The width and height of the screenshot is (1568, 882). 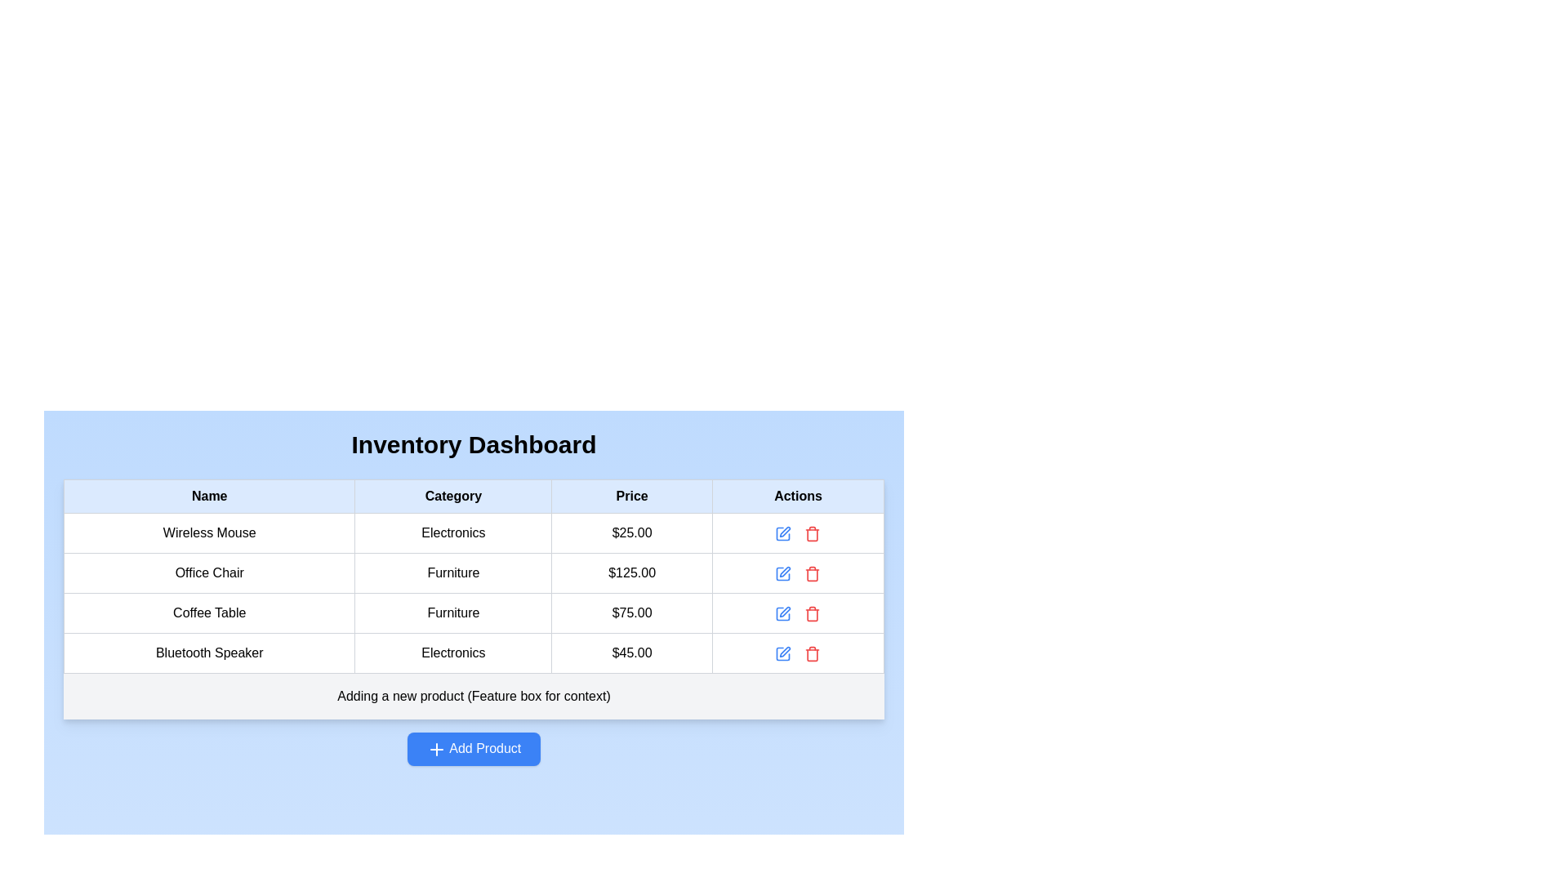 I want to click on the delete button located in the 'Actions' column of the first row, adjacent to 'Wireless Mouse', so click(x=813, y=532).